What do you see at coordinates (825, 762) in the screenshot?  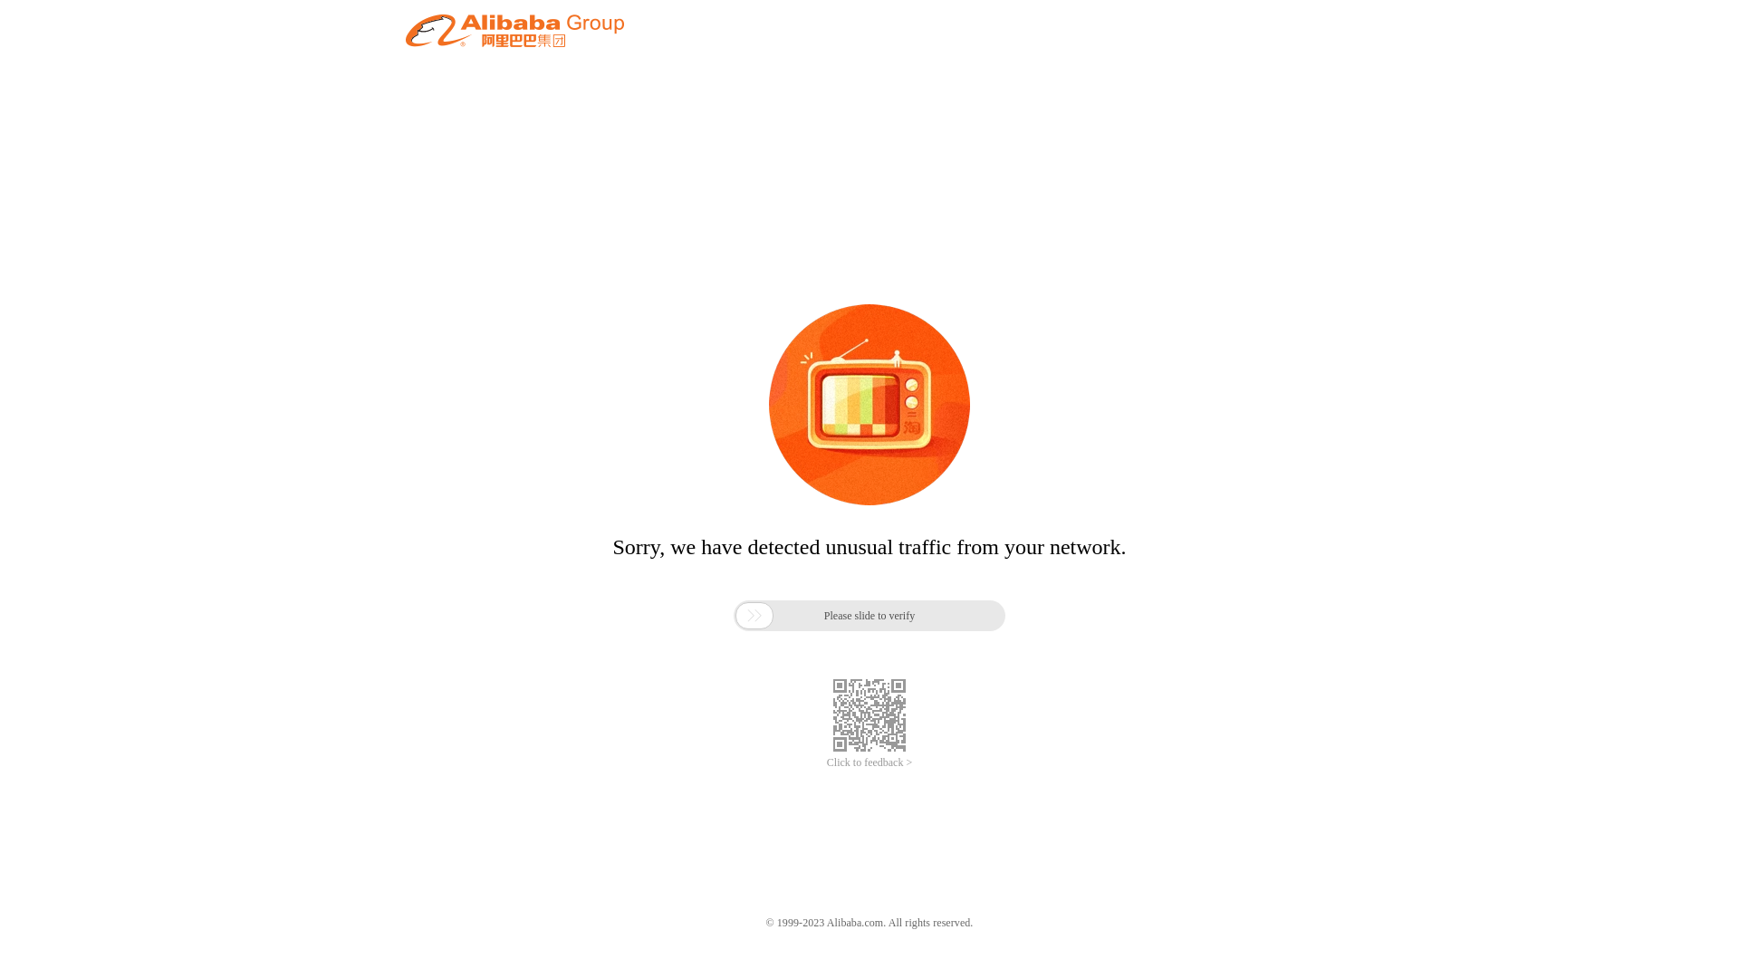 I see `'Click to feedback >'` at bounding box center [825, 762].